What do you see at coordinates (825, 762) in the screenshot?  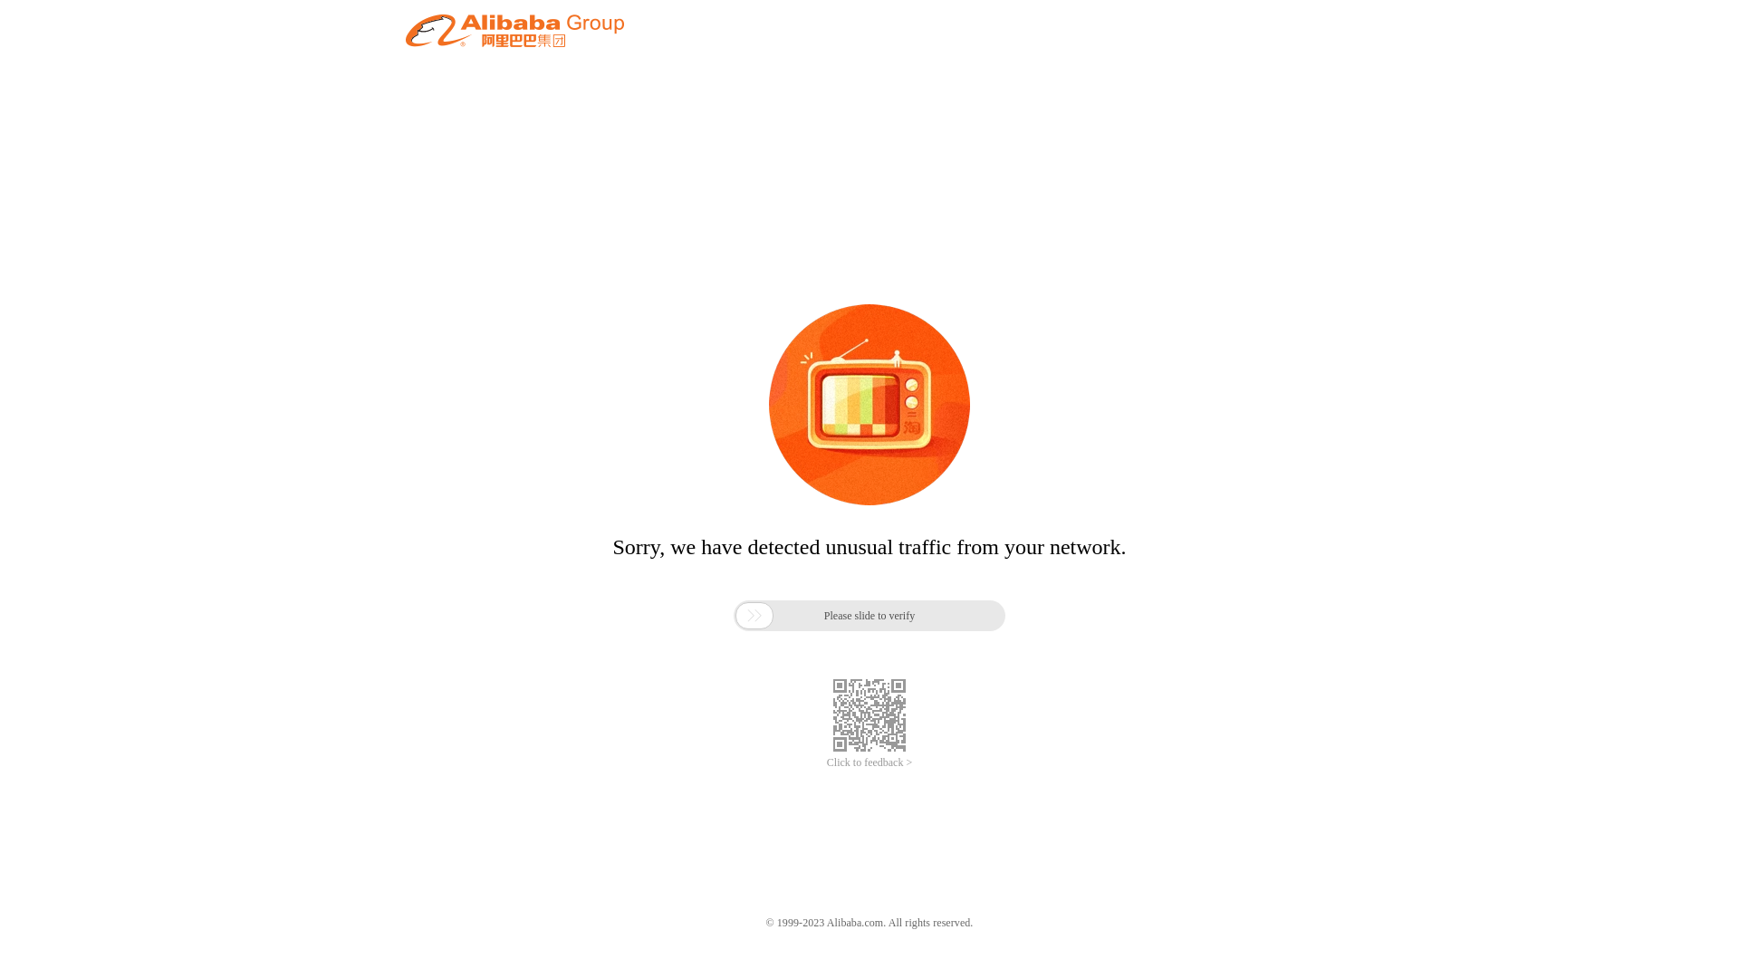 I see `'Click to feedback >'` at bounding box center [825, 762].